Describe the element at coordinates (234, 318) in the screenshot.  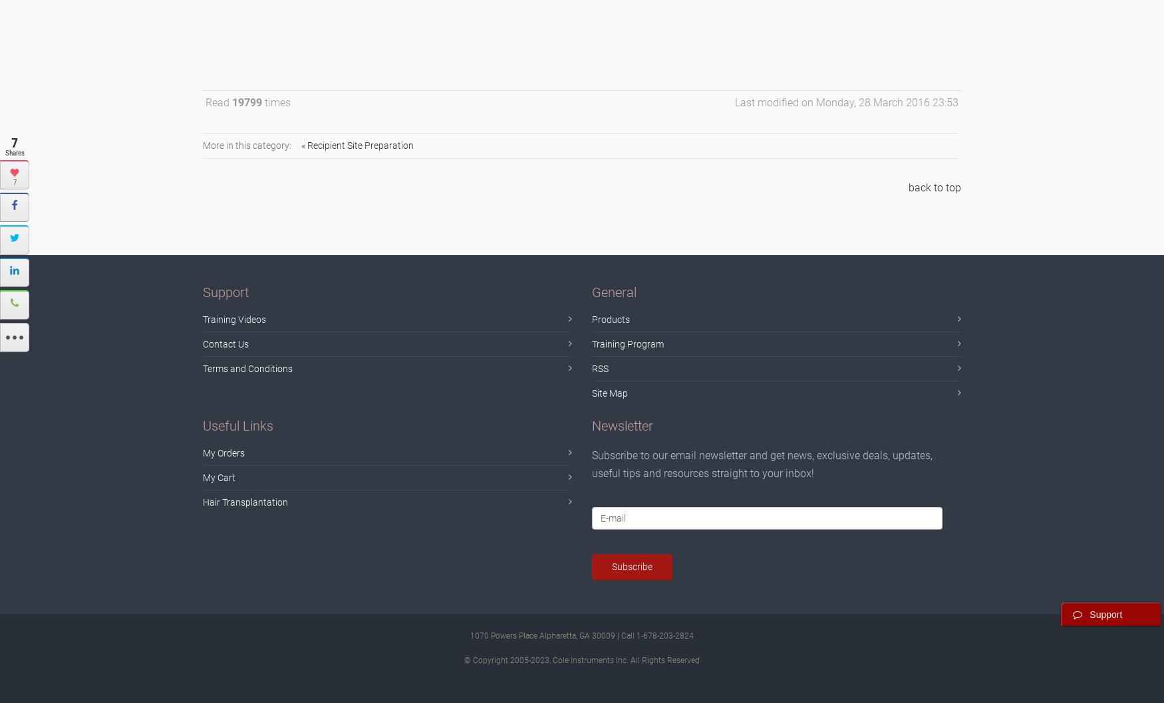
I see `'Training Videos'` at that location.